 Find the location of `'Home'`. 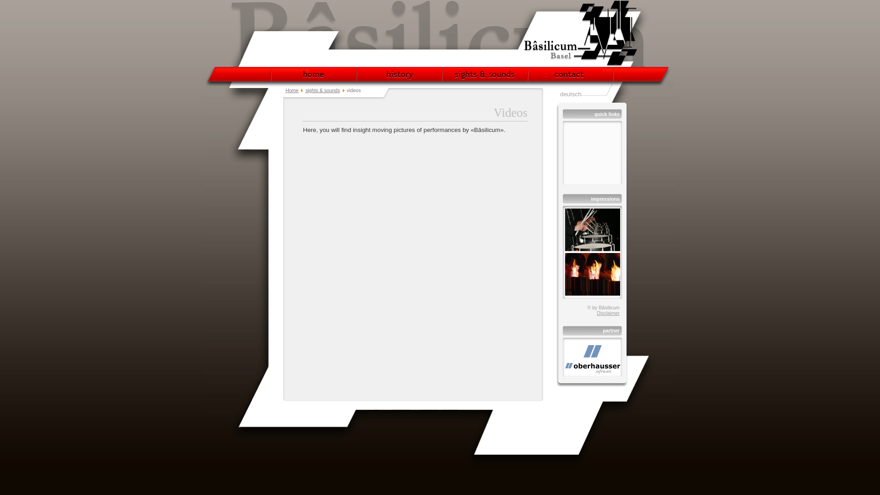

'Home' is located at coordinates (291, 90).